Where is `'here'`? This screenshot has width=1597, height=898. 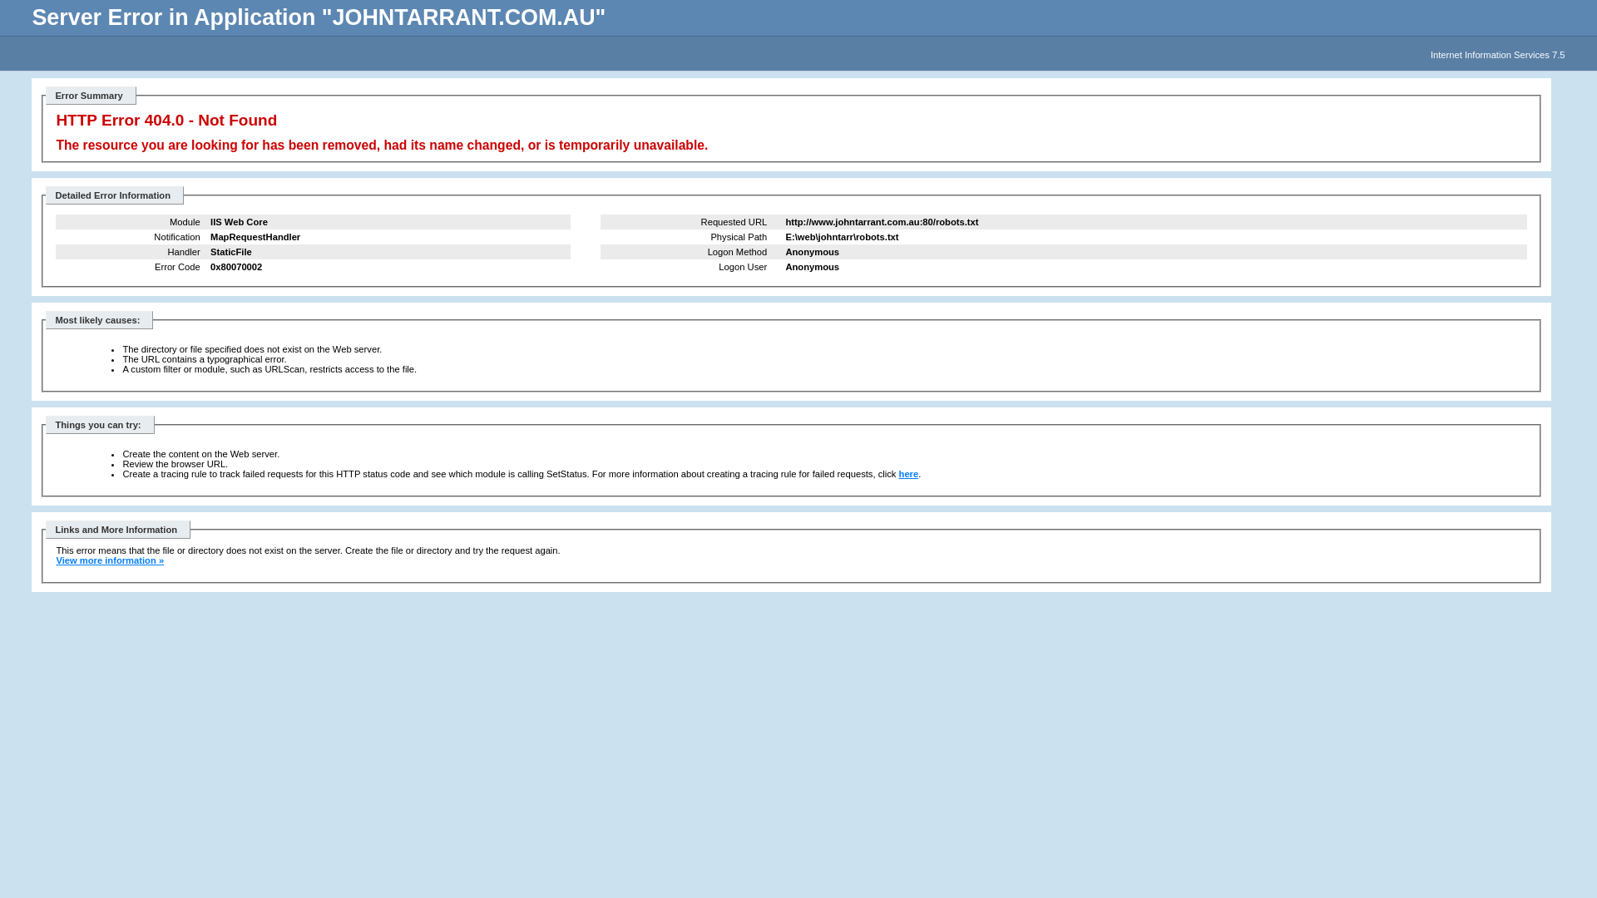 'here' is located at coordinates (908, 474).